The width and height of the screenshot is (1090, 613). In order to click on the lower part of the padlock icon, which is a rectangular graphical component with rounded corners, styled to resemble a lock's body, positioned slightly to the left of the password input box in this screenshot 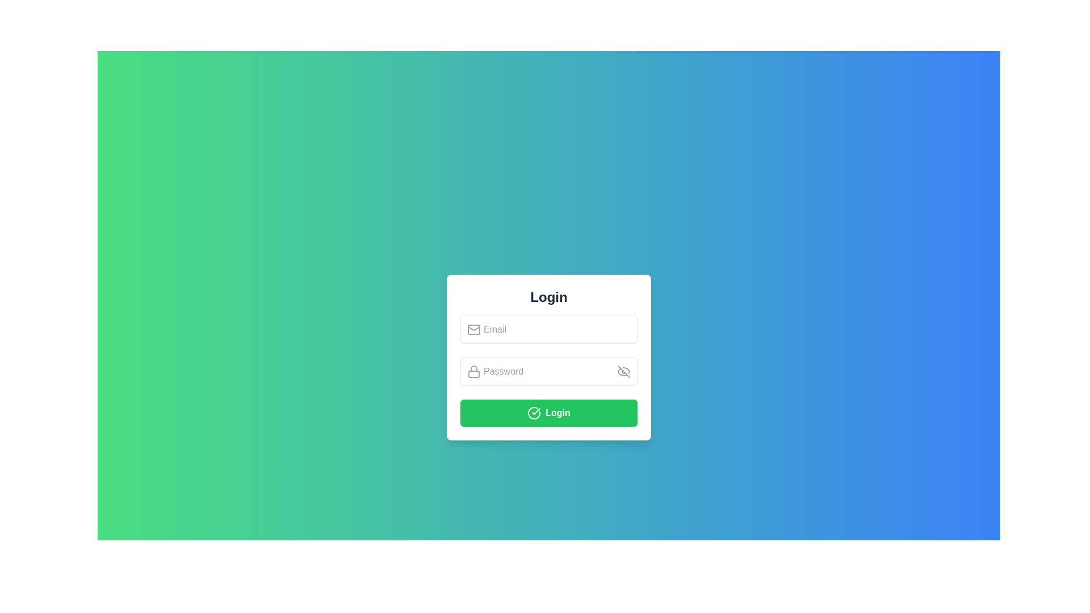, I will do `click(474, 374)`.